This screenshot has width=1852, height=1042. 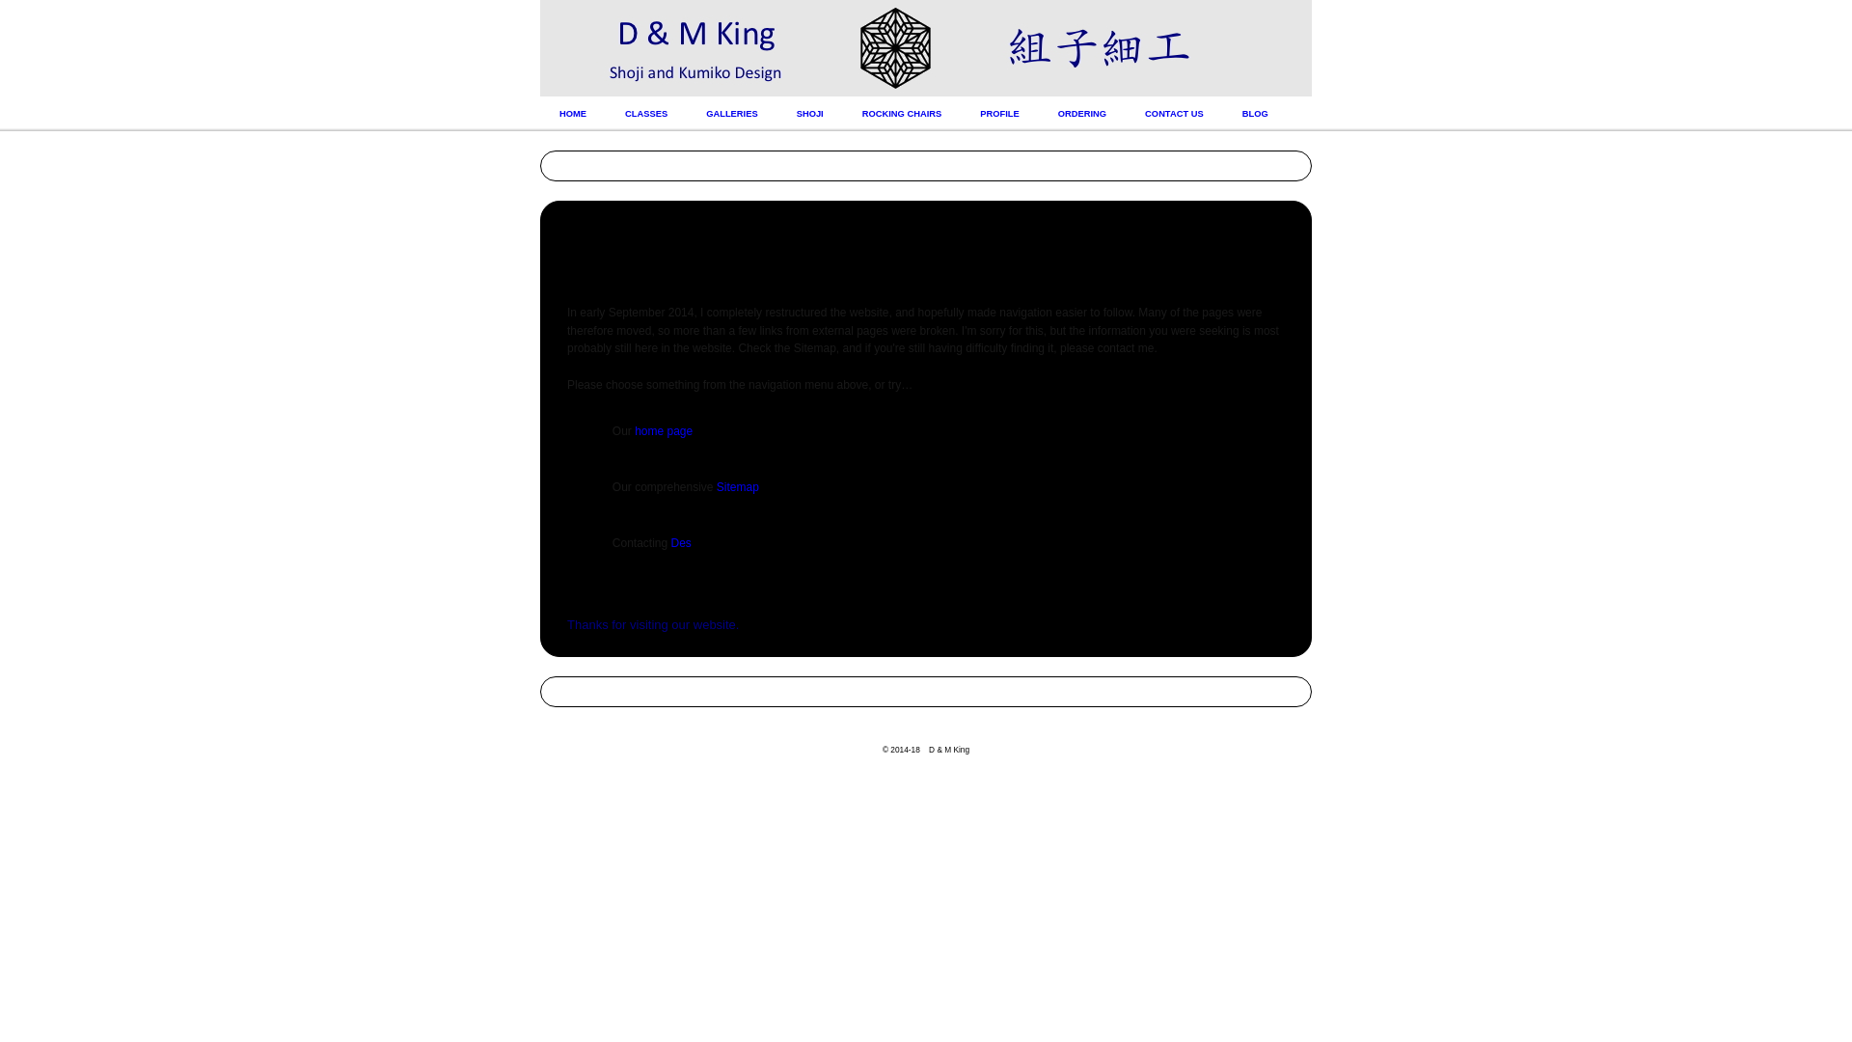 What do you see at coordinates (901, 114) in the screenshot?
I see `'ROCKING CHAIRS'` at bounding box center [901, 114].